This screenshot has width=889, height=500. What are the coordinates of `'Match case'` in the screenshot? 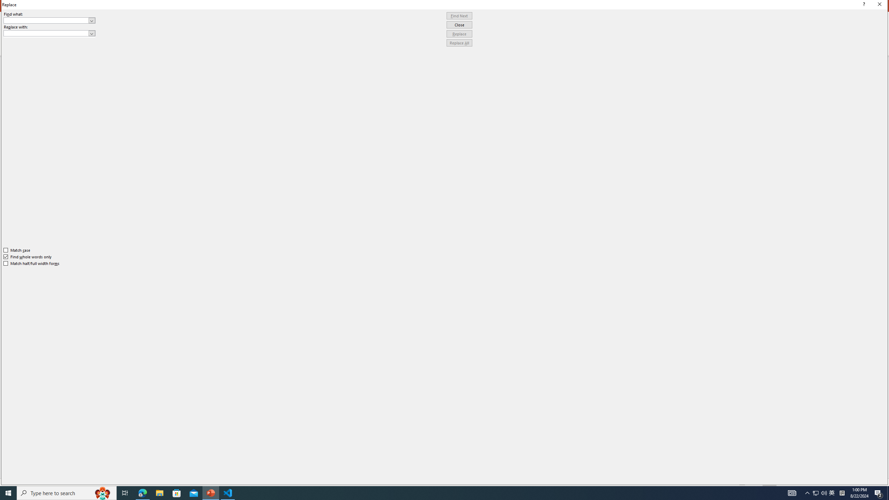 It's located at (17, 250).